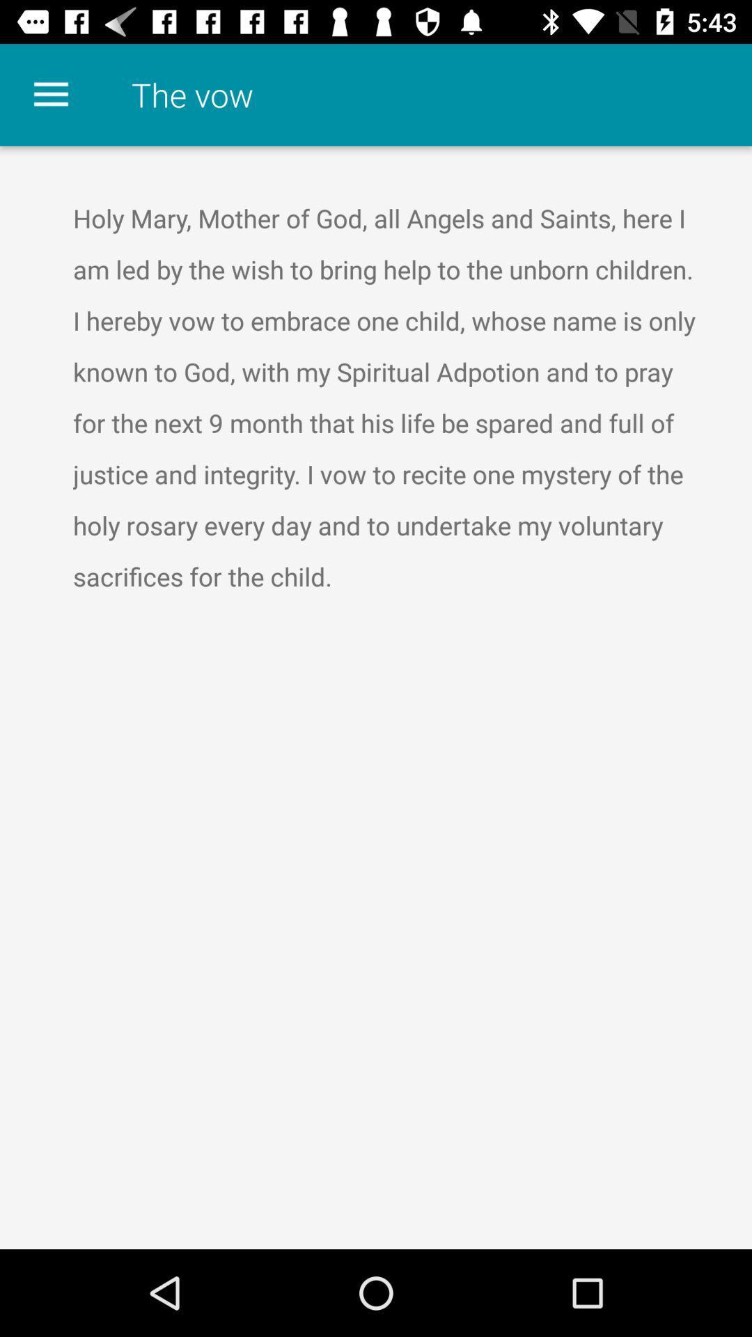  I want to click on the icon above the holy mary mother, so click(50, 94).